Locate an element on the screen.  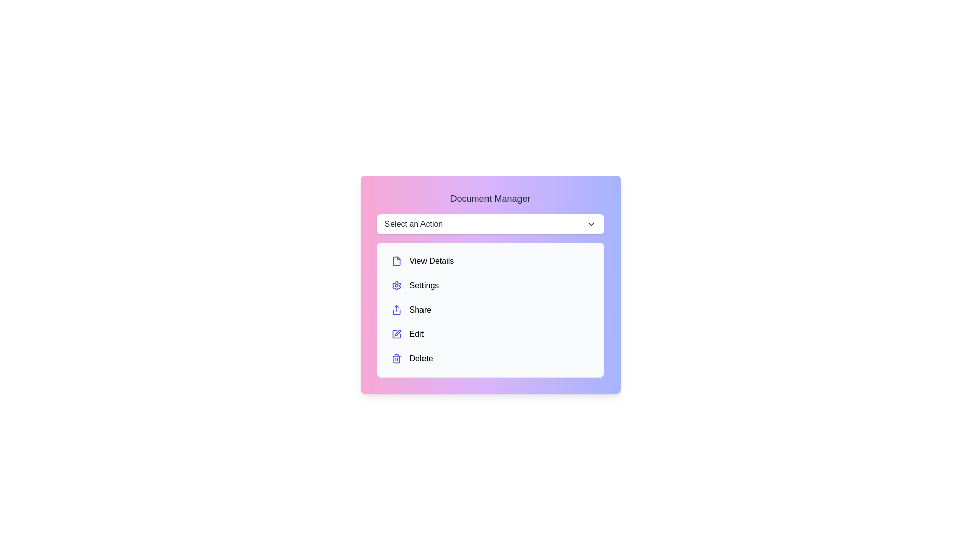
the indigo trash bin icon located at the leftmost side of the 'Delete' action item in the options menu is located at coordinates (396, 358).